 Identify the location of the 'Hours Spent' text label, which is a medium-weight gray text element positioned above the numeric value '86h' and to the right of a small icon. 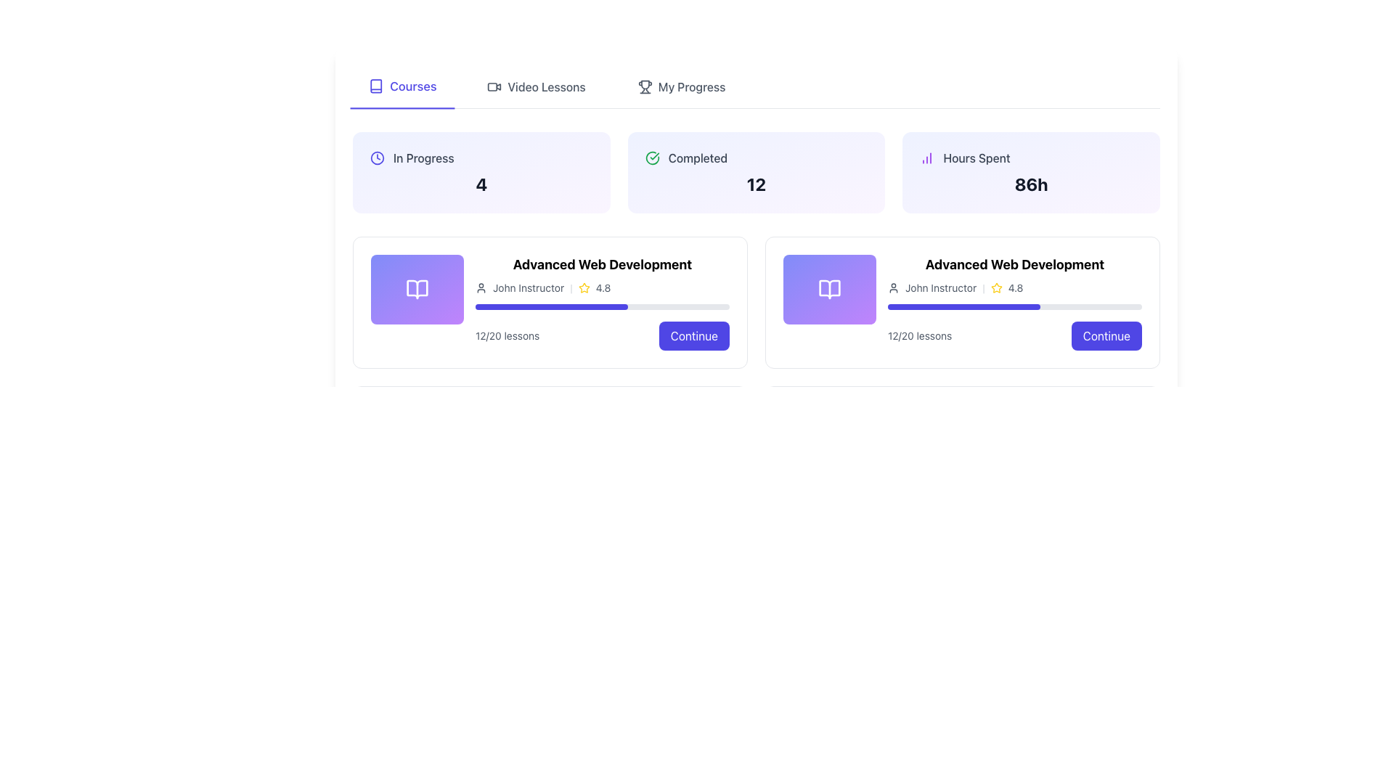
(977, 158).